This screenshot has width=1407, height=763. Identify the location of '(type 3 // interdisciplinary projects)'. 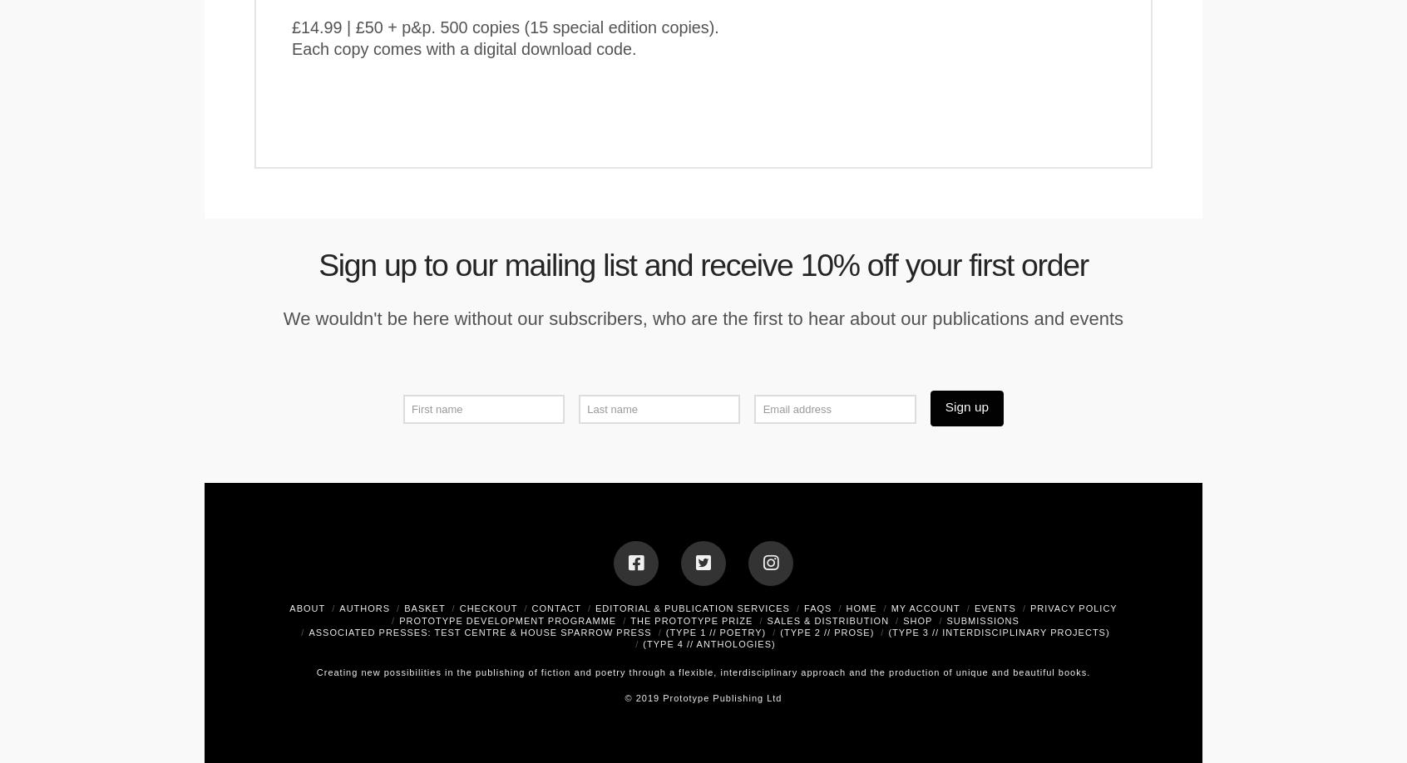
(998, 631).